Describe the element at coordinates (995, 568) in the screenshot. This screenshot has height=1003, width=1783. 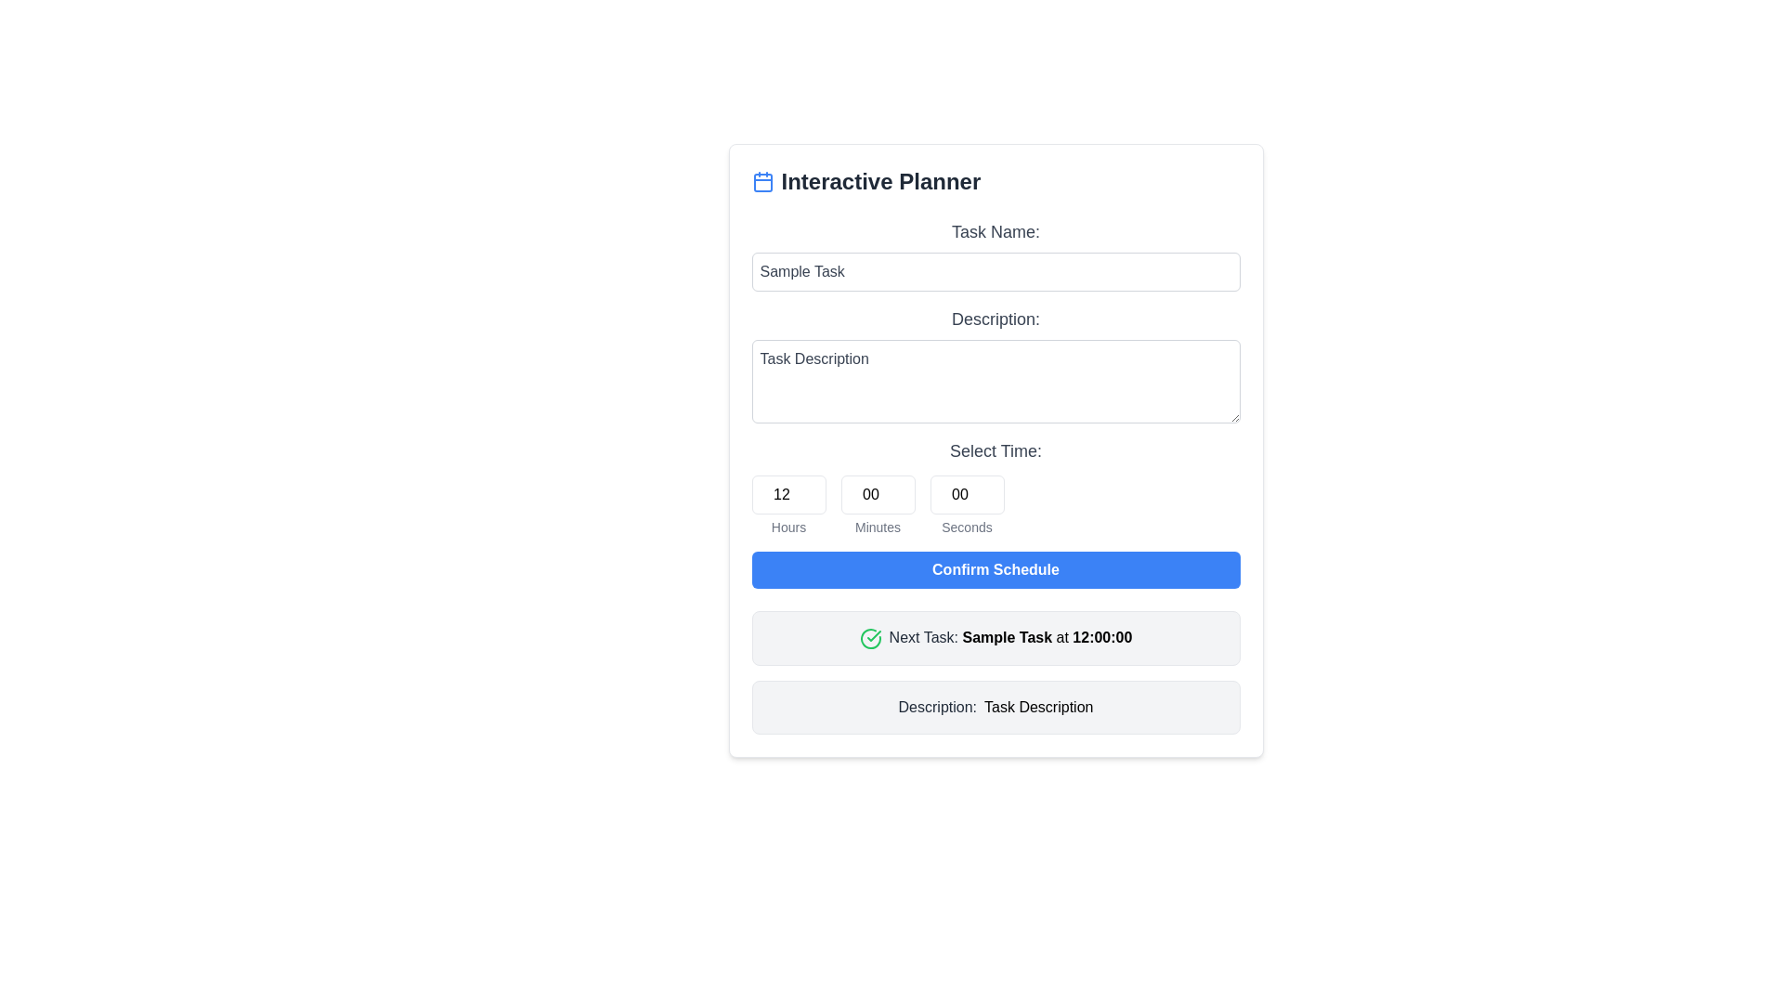
I see `the 'Confirm Schedule' button, which is a rectangular button with rounded corners and white text on a blue background, located within the 'Interactive Planner' card below the time selector` at that location.